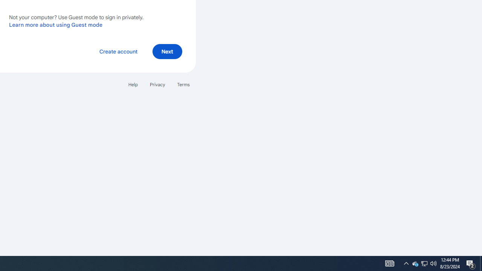  What do you see at coordinates (167, 51) in the screenshot?
I see `'Next'` at bounding box center [167, 51].